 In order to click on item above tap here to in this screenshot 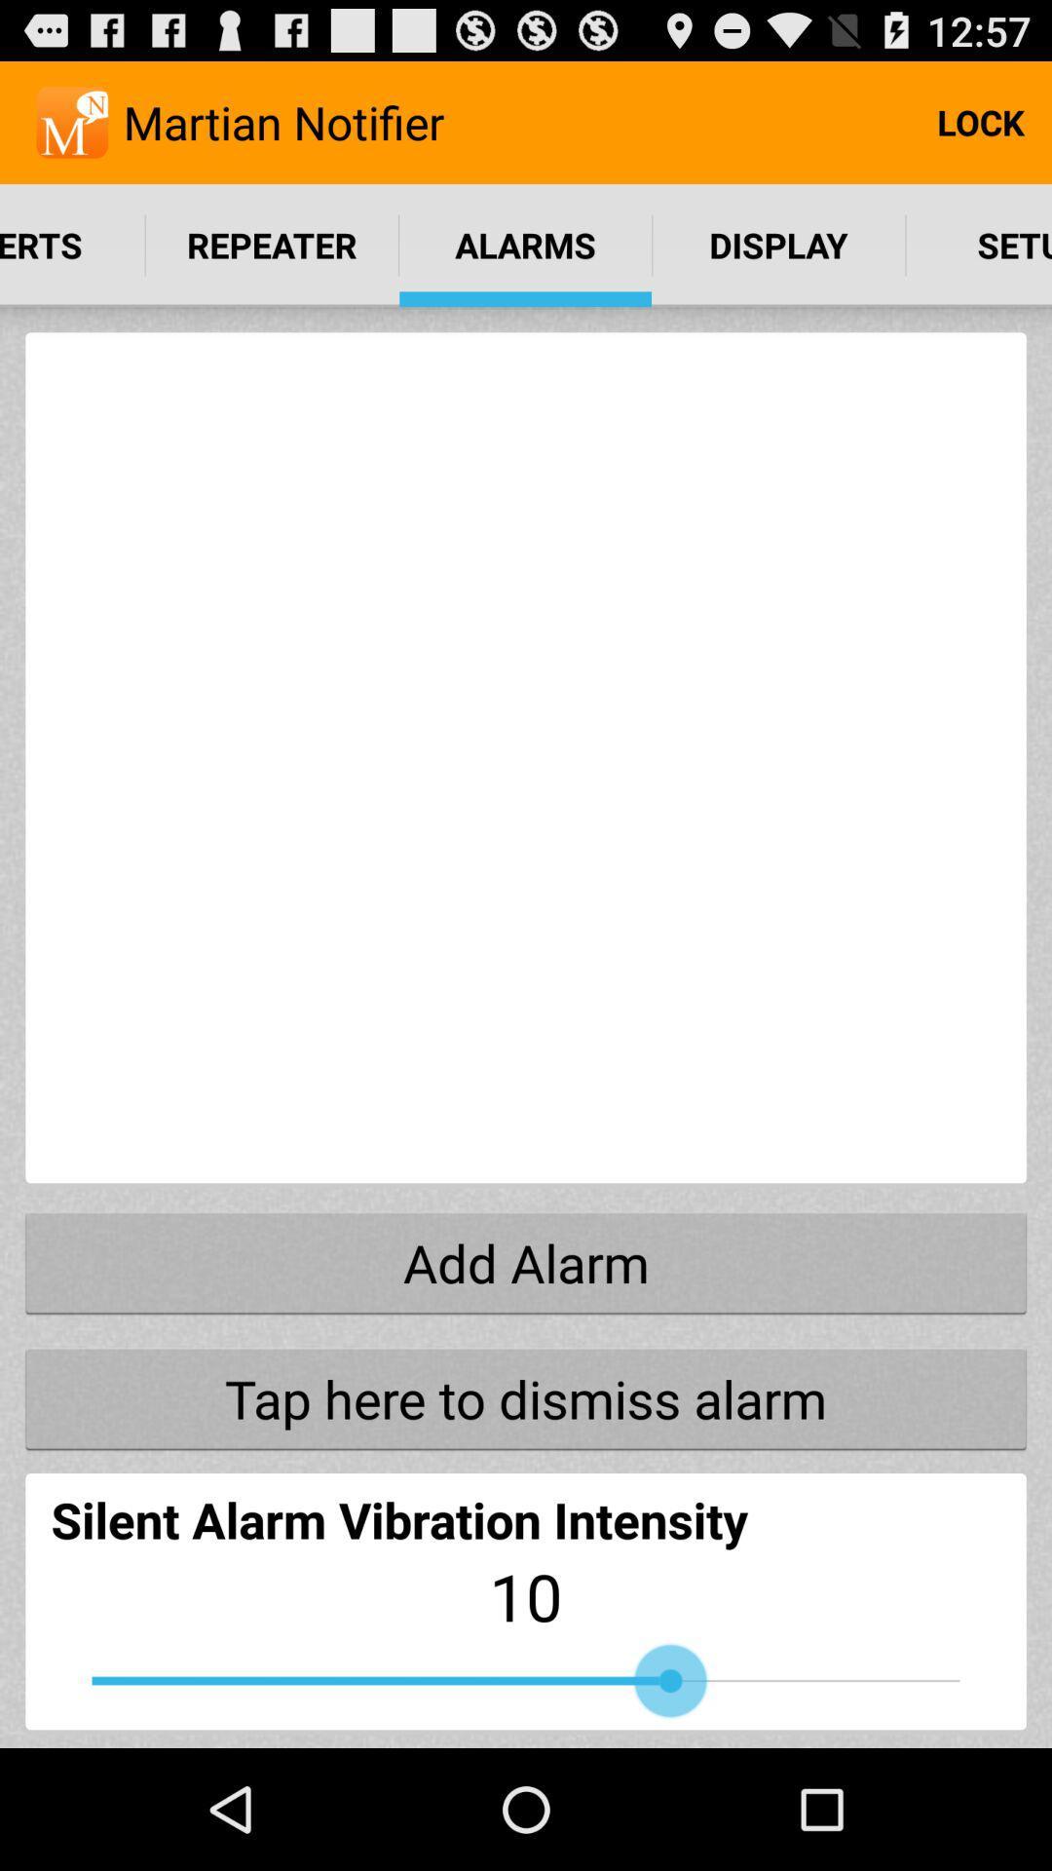, I will do `click(526, 1263)`.